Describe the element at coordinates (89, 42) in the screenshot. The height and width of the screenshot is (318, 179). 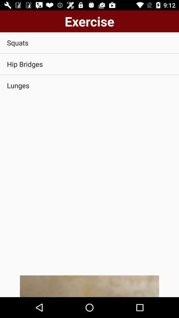
I see `the item above hip bridges` at that location.